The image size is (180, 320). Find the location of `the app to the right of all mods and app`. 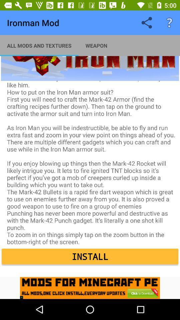

the app to the right of all mods and app is located at coordinates (96, 45).